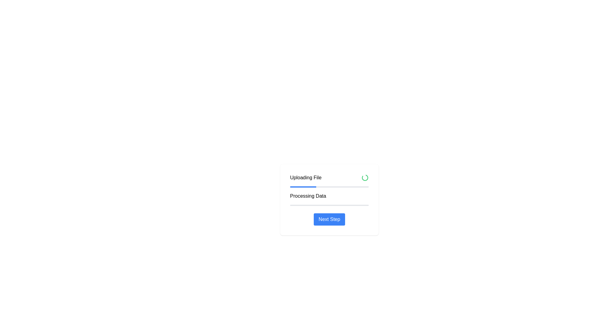 This screenshot has height=331, width=590. Describe the element at coordinates (297, 186) in the screenshot. I see `the progress bar` at that location.